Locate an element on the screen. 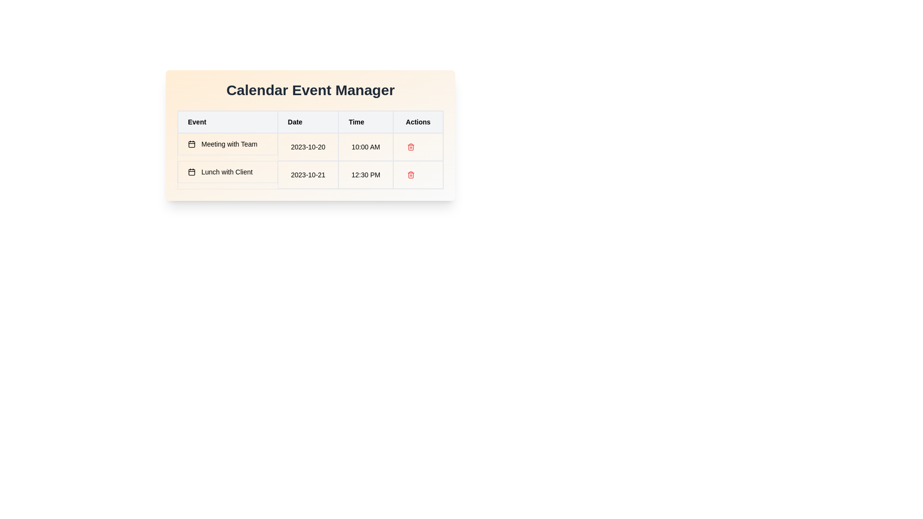  date displayed in the static text element located in the second cell under the 'Date' column of the event management table, positioned in the second row is located at coordinates (308, 174).